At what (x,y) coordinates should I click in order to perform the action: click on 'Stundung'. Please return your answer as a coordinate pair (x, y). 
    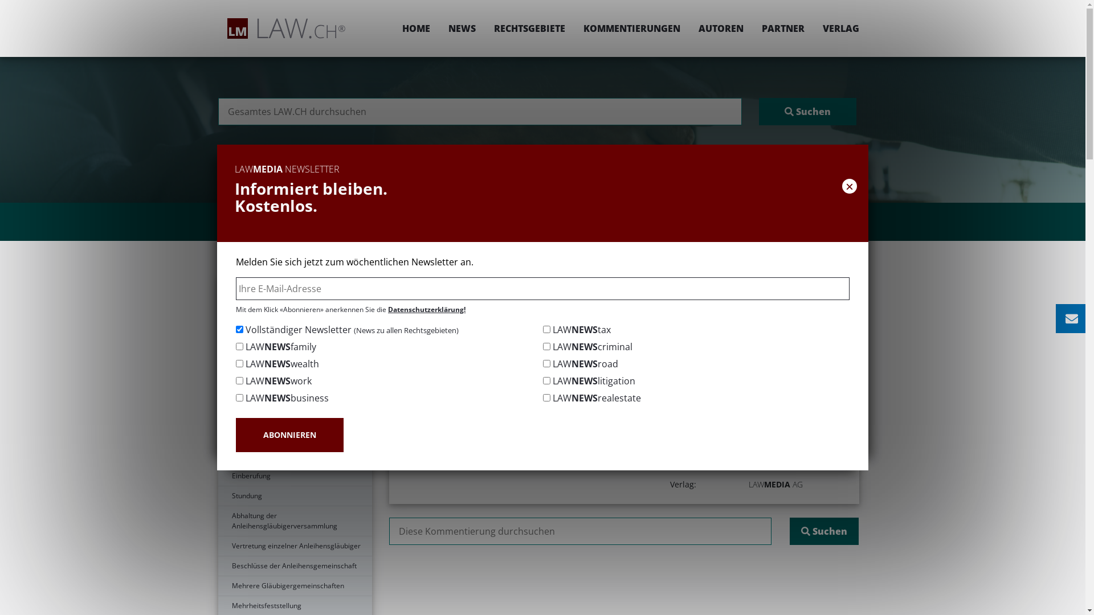
    Looking at the image, I should click on (295, 495).